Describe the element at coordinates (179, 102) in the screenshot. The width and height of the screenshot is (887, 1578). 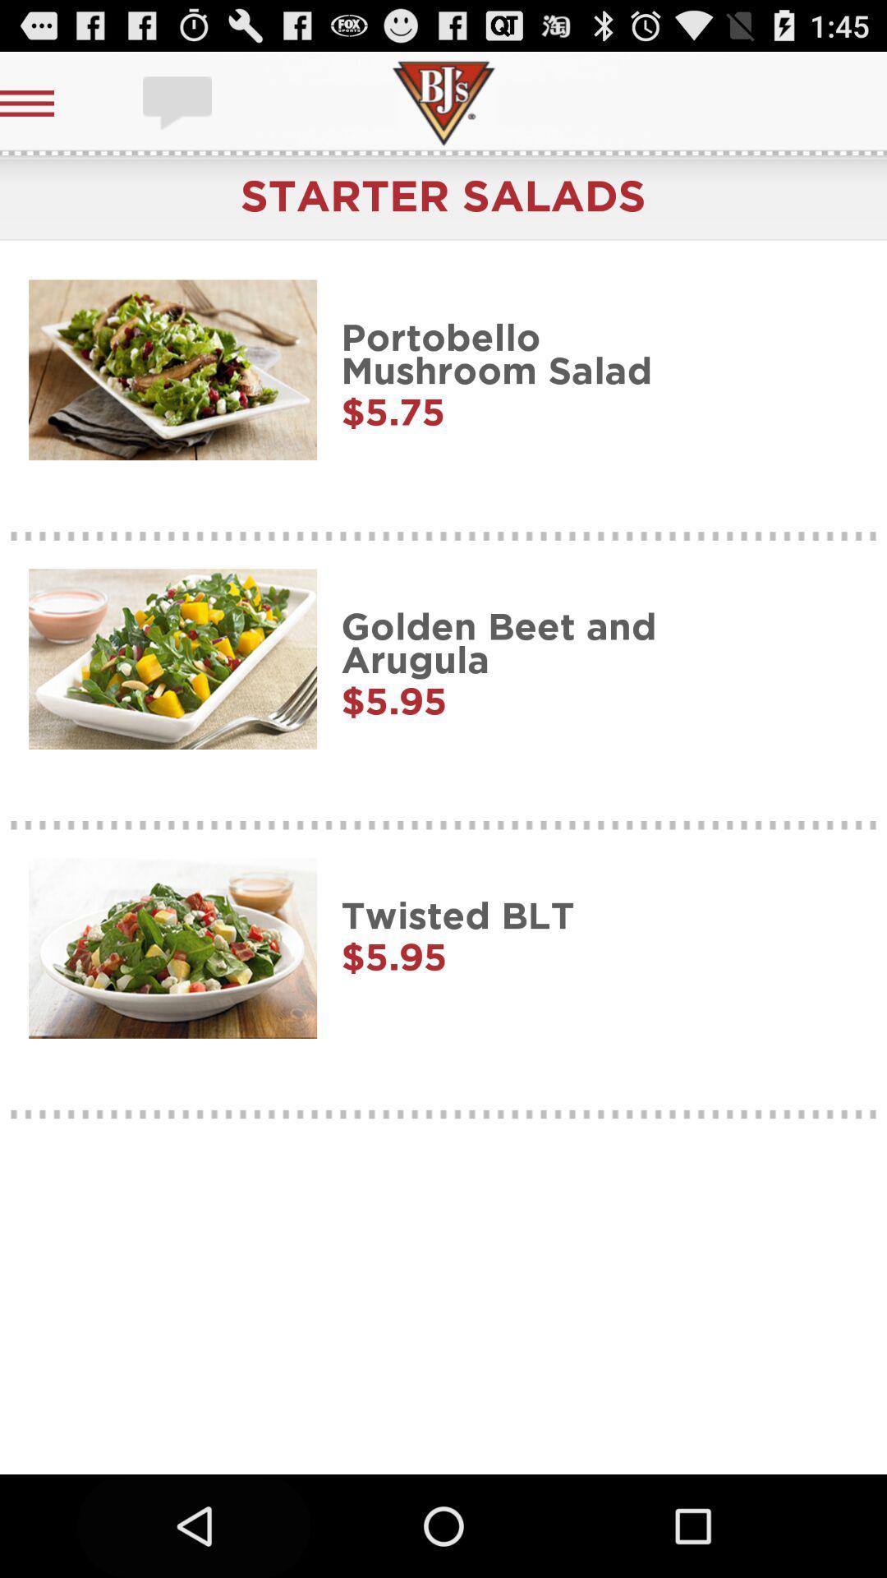
I see `open chat` at that location.